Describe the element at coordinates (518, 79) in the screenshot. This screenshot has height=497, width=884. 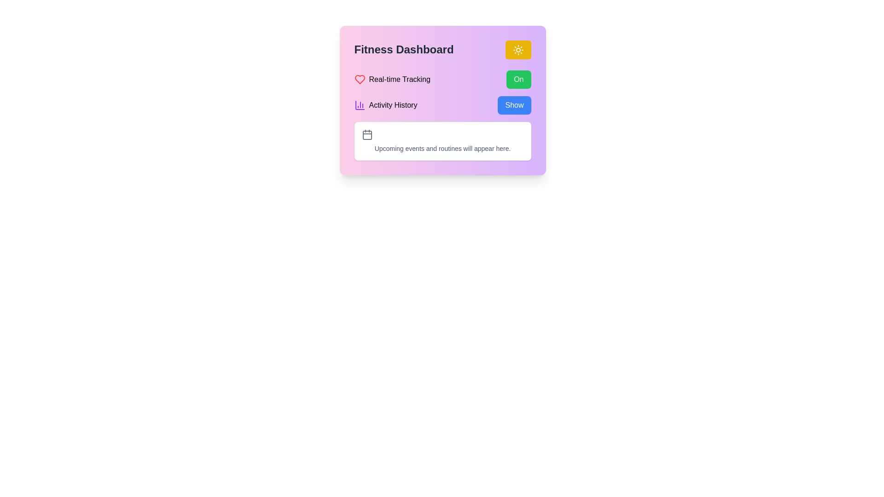
I see `the green button labeled 'On' located on the right side of the 'Real-time Tracking' section` at that location.